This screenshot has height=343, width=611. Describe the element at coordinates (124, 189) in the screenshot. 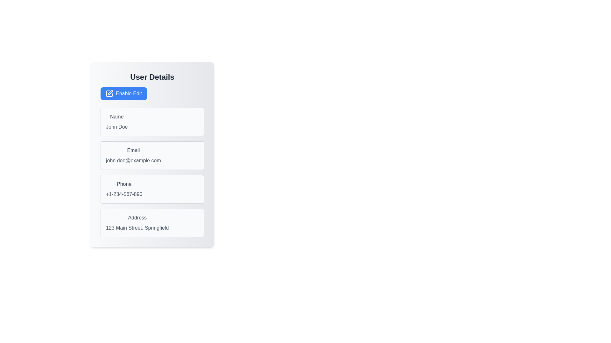

I see `text displayed in the phone label and associated phone number within the bordered, rounded rectangle box in the 'Phone' section of the user profile` at that location.